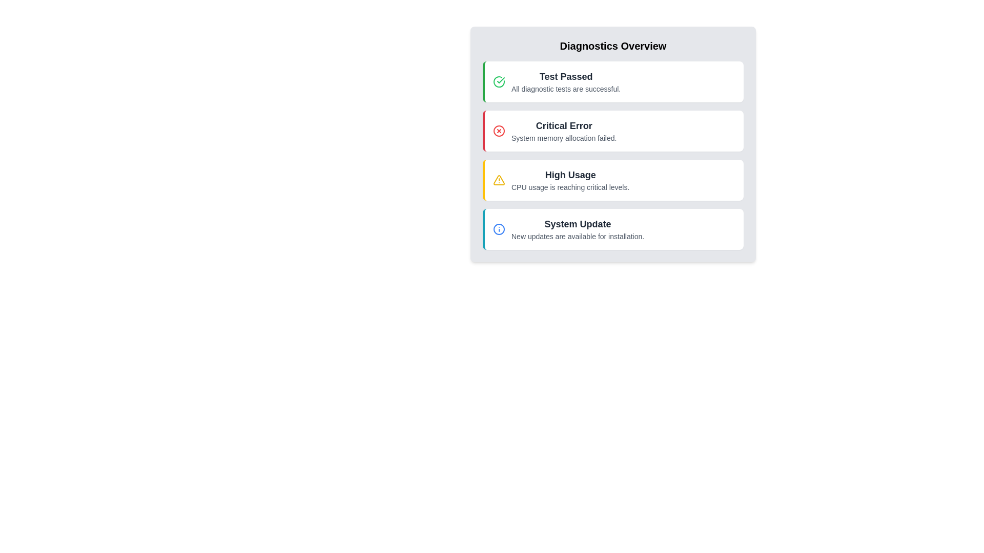  Describe the element at coordinates (565, 81) in the screenshot. I see `the Text Display with Title and Subtext indicating a successful outcome of diagnostic tests, located in the bordered box titled 'Diagnostics Overview'` at that location.